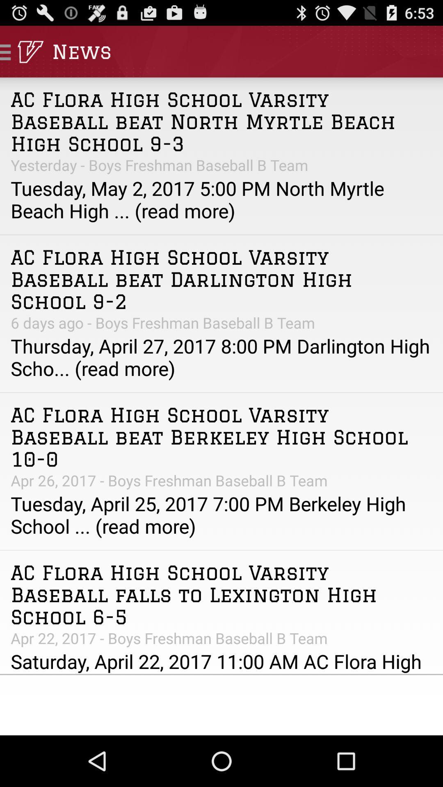 The height and width of the screenshot is (787, 443). I want to click on the app above the thursday april 27 icon, so click(221, 322).